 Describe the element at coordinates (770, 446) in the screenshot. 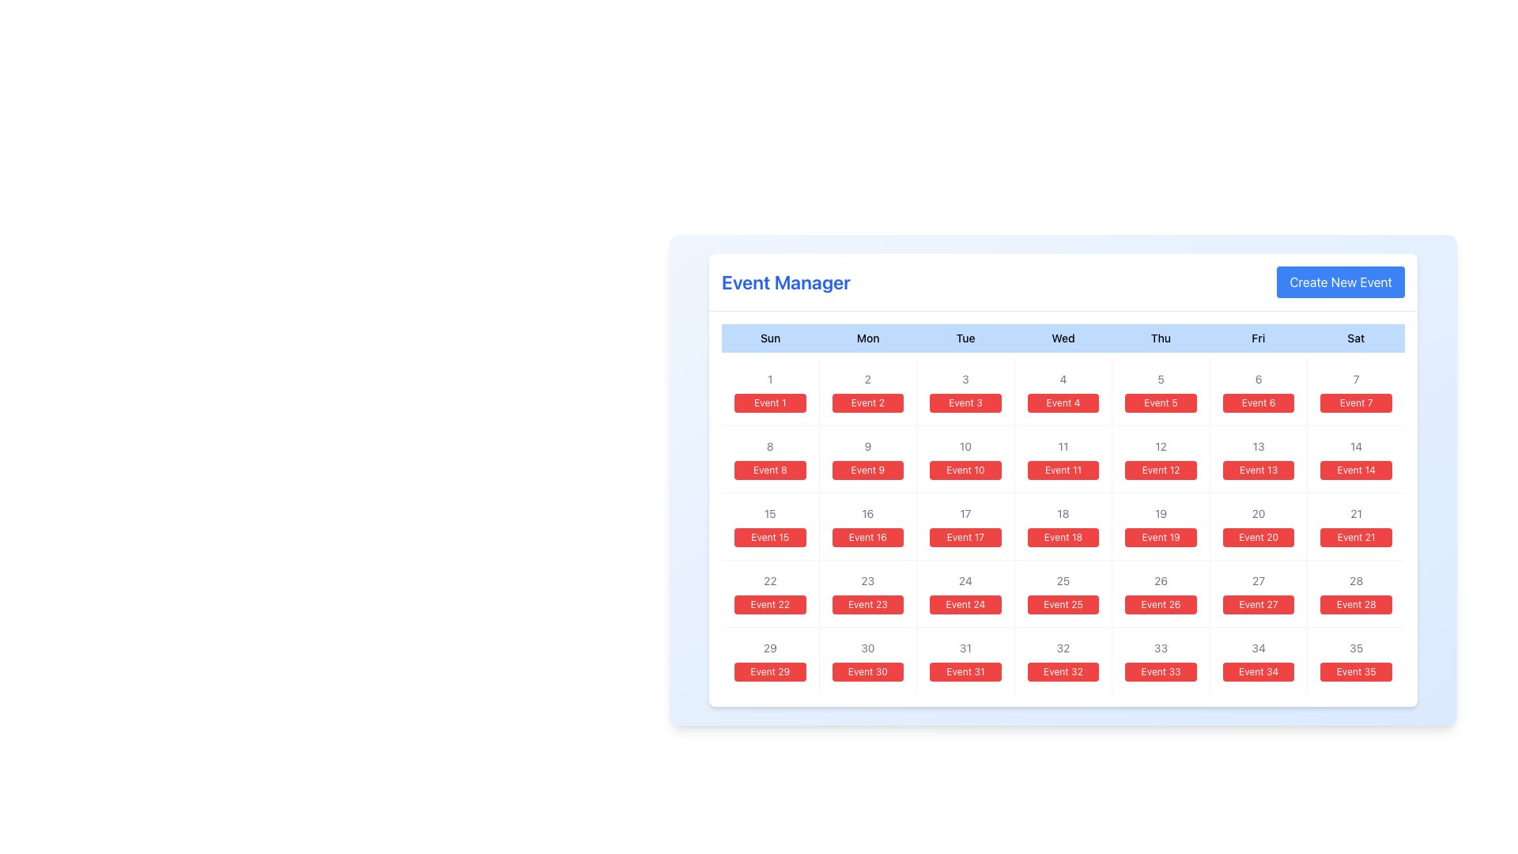

I see `the small gray text label displaying the number '8', located above the red button labeled 'Event 8' in the calendar grid` at that location.